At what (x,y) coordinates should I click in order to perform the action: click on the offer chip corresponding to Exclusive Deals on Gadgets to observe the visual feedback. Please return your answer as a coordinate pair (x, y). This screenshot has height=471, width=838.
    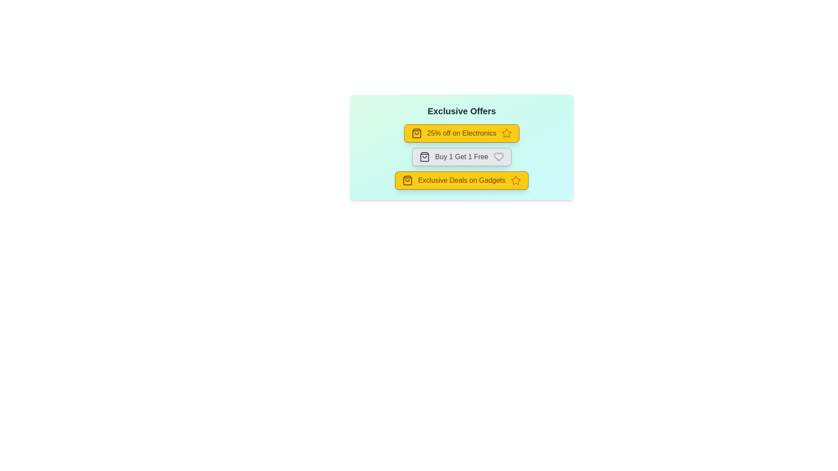
    Looking at the image, I should click on (461, 180).